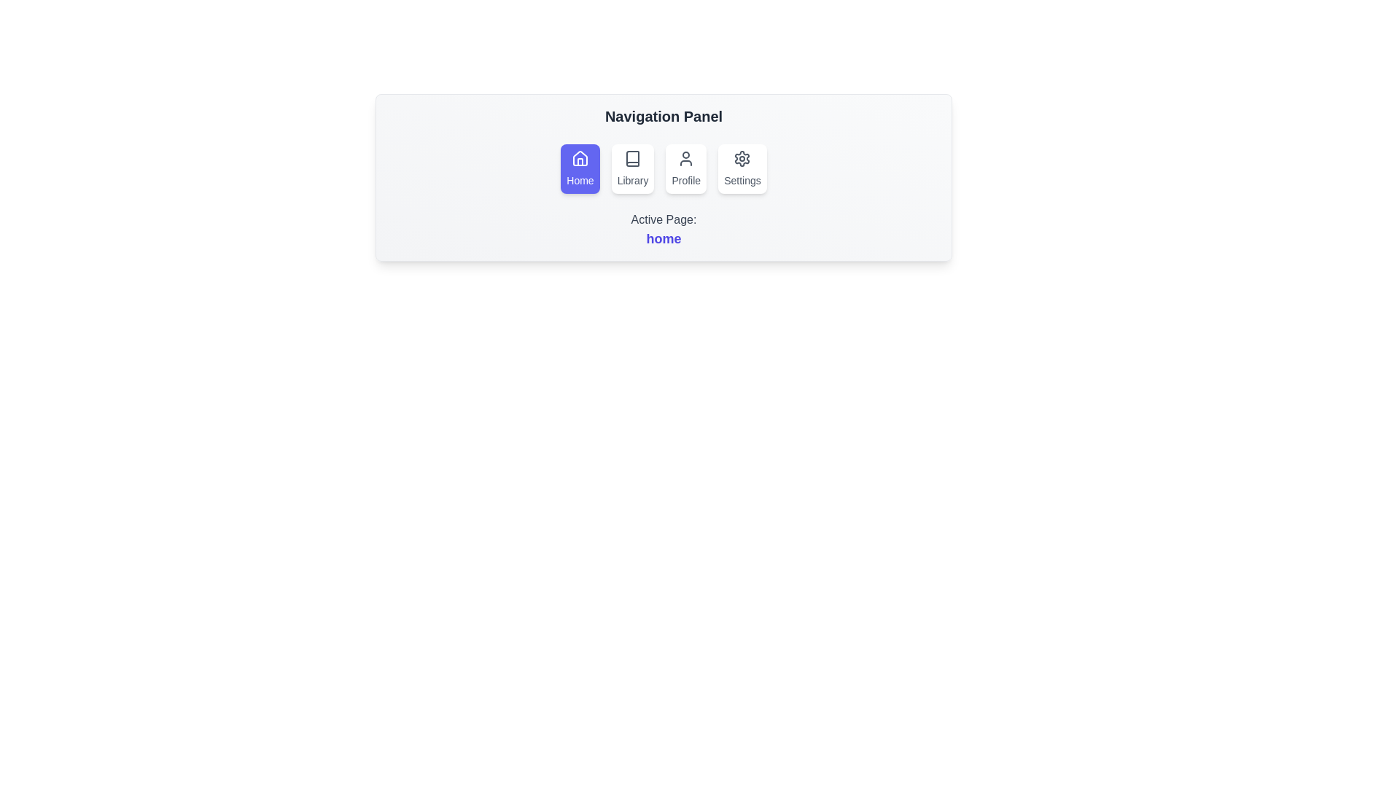 This screenshot has height=787, width=1400. Describe the element at coordinates (685, 159) in the screenshot. I see `the user profile icon located on the 'Profile' button, which is the third button from the left in the navigation panel` at that location.